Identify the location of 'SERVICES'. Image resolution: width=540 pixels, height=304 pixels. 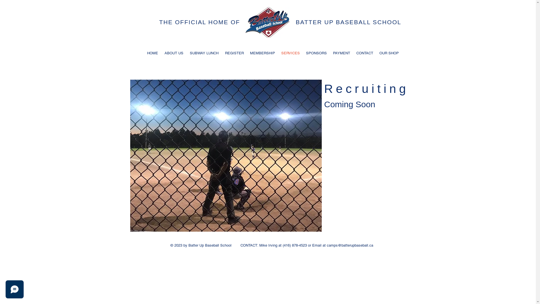
(278, 53).